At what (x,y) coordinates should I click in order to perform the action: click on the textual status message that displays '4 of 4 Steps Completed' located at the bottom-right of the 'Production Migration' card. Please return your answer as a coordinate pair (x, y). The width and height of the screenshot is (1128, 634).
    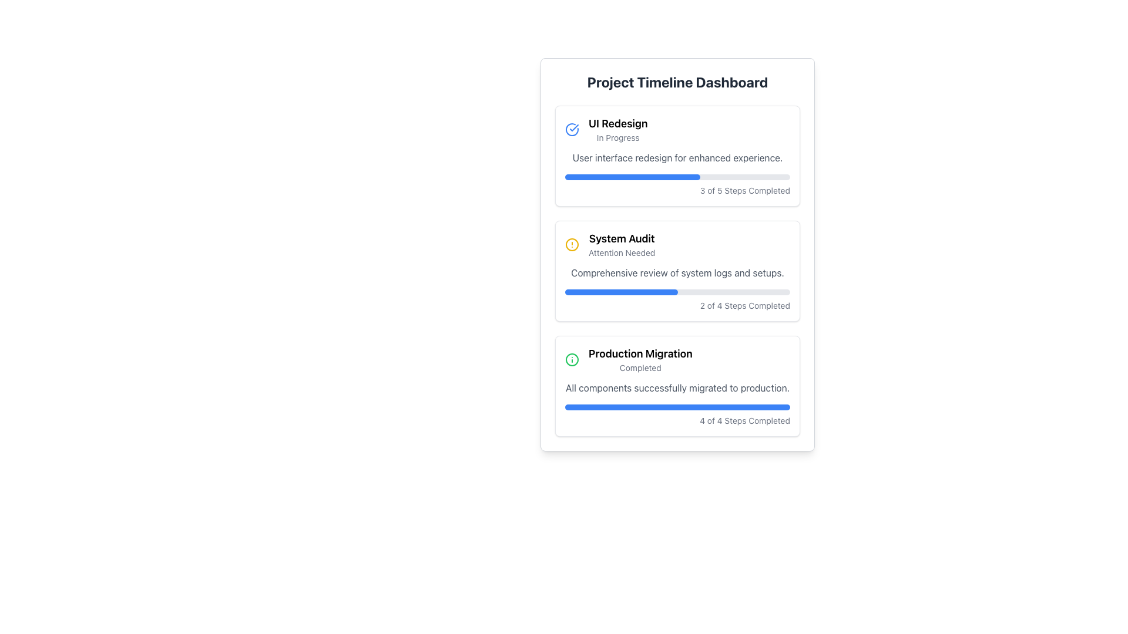
    Looking at the image, I should click on (677, 420).